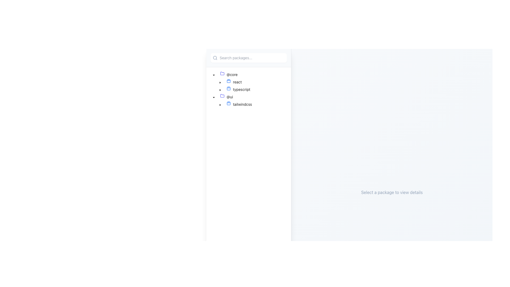  Describe the element at coordinates (220, 105) in the screenshot. I see `the caret-down icon located on the left side of the UI, near the '@core' node in the tree structure` at that location.